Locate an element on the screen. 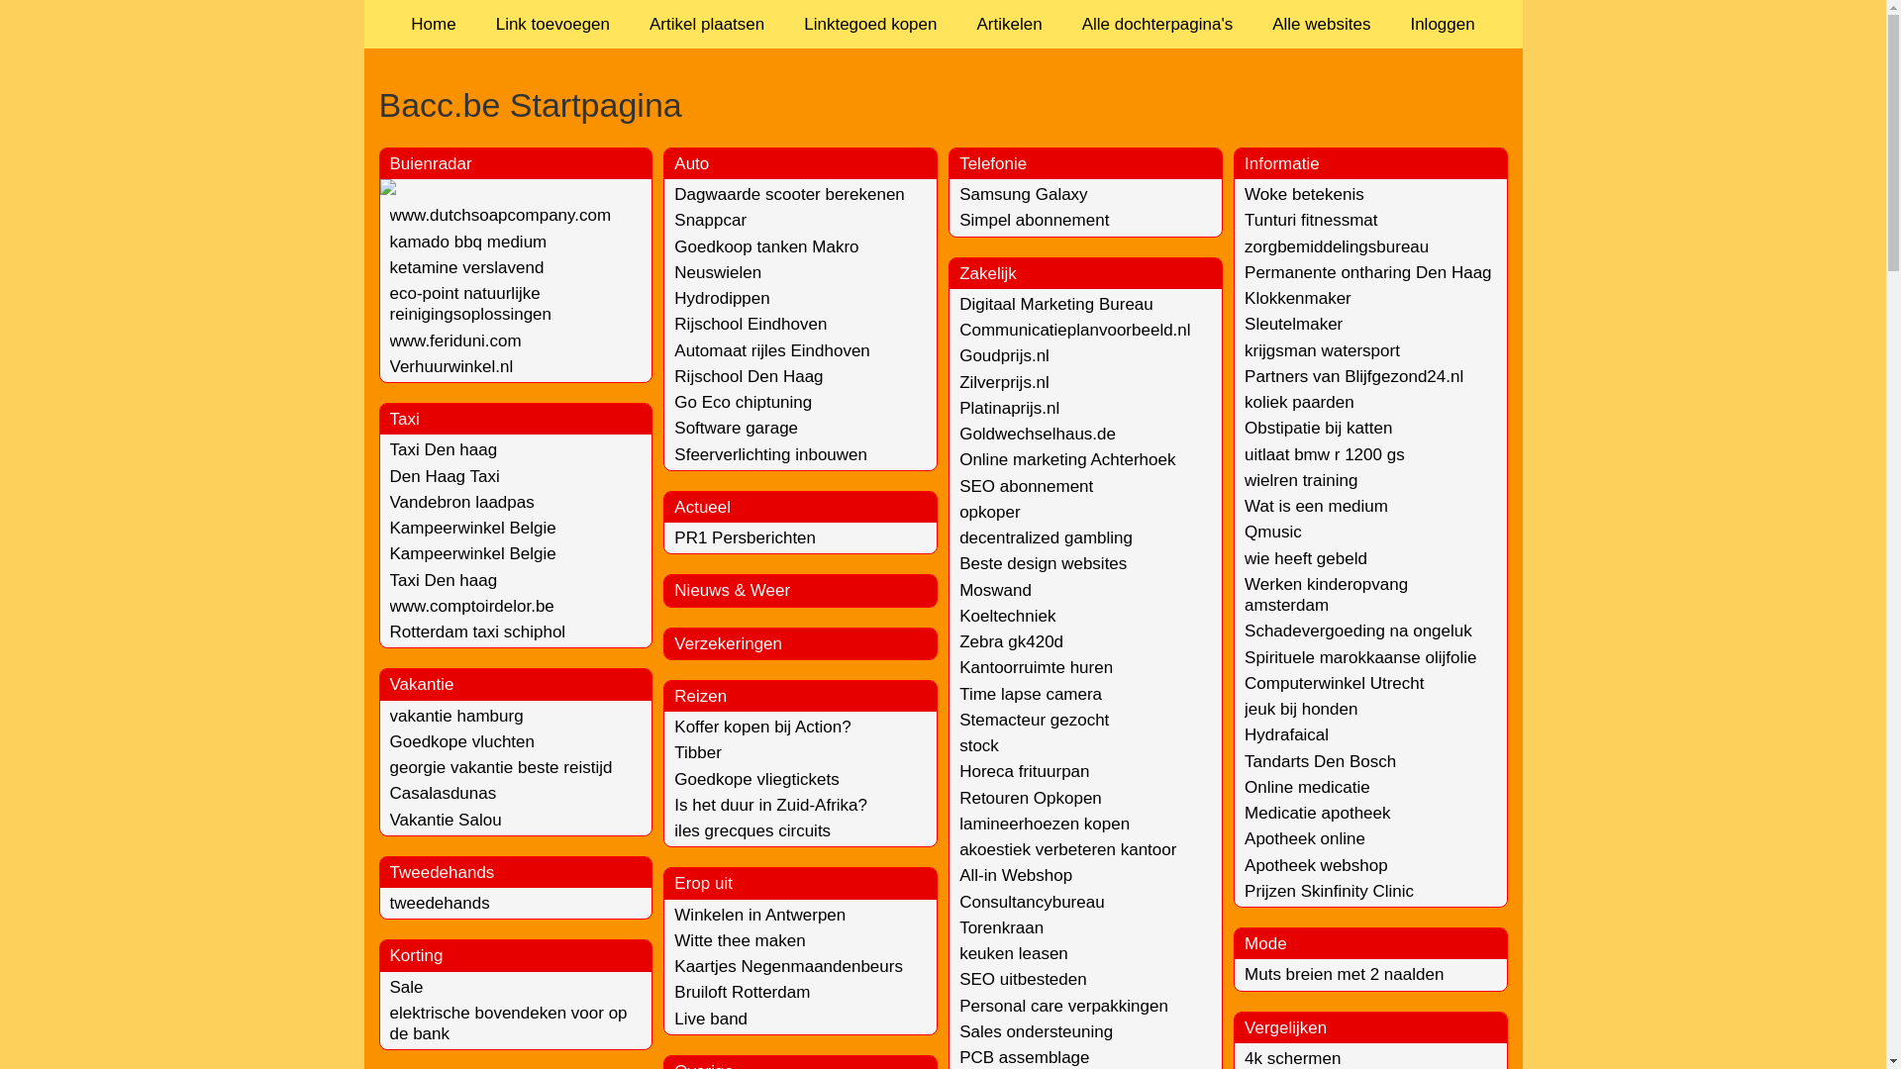 This screenshot has width=1901, height=1069. 'Hydrodippen' is located at coordinates (721, 298).